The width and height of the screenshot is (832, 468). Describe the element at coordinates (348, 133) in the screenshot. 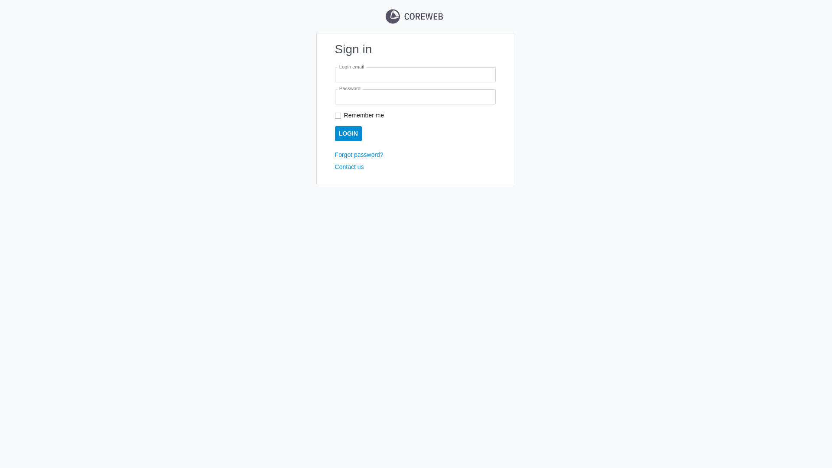

I see `'LOGIN'` at that location.